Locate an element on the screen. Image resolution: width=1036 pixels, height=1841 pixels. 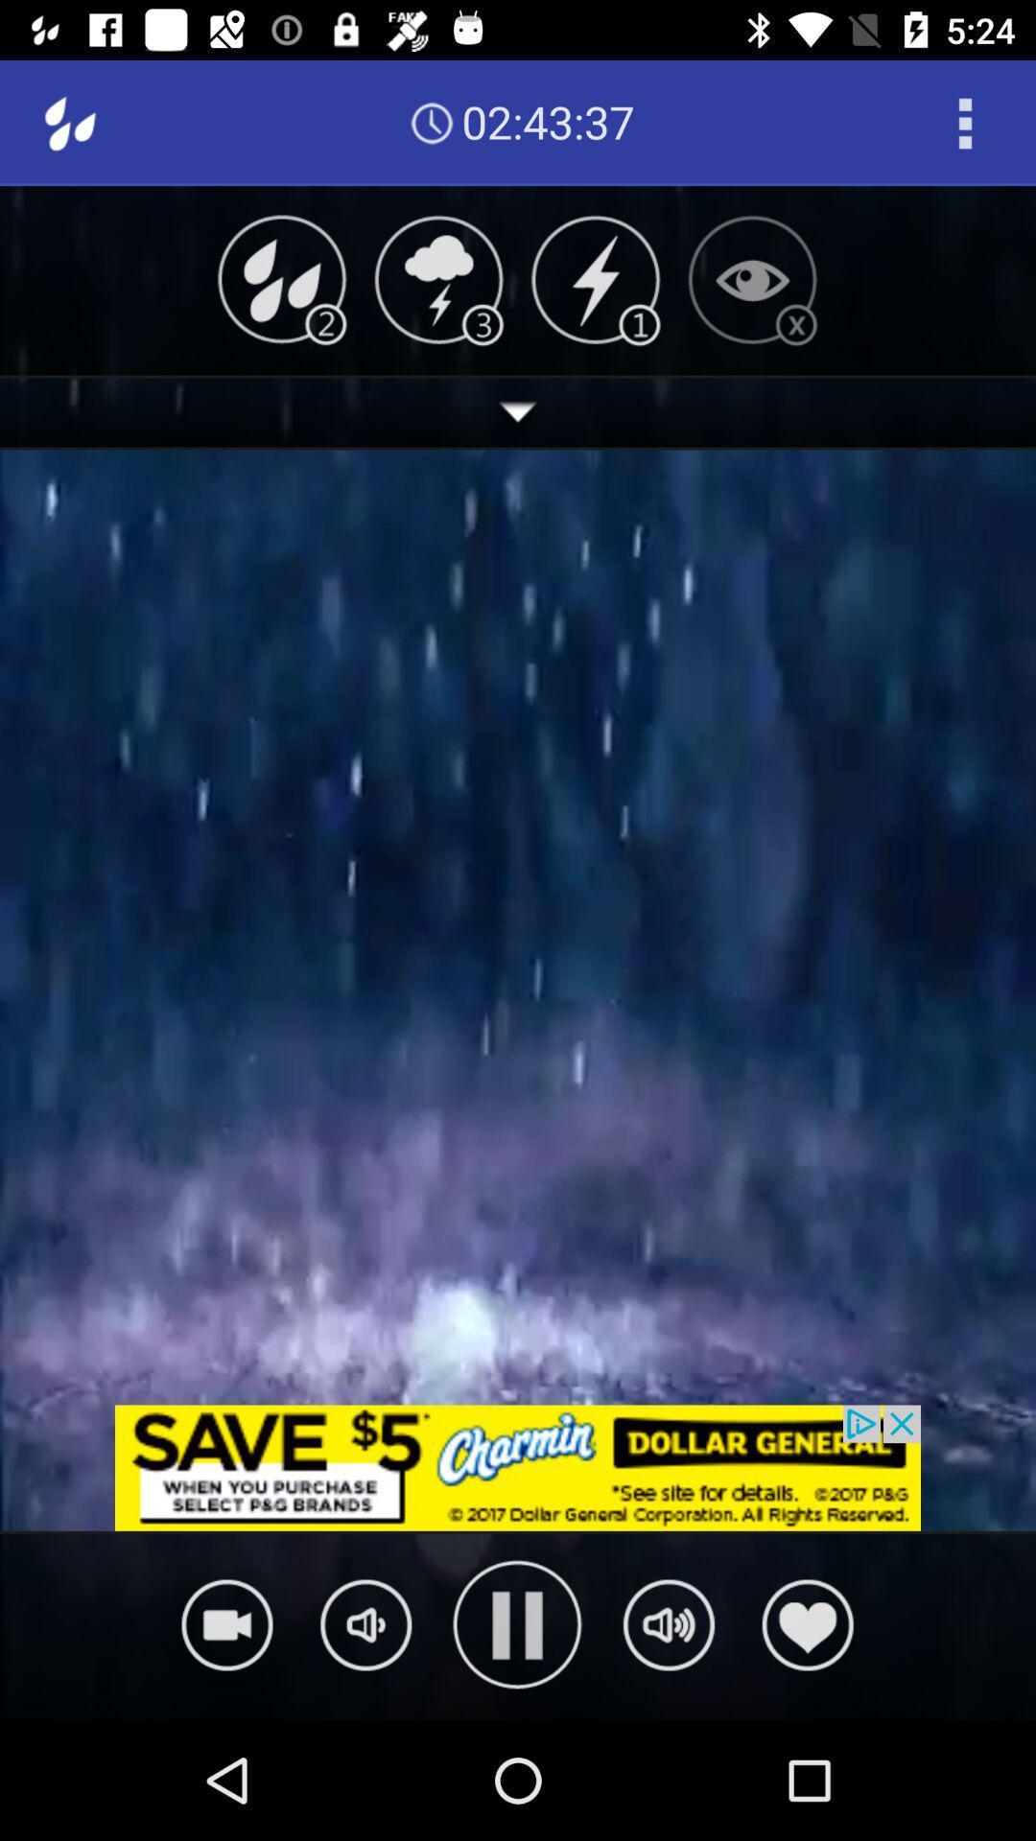
the weather icon is located at coordinates (438, 279).